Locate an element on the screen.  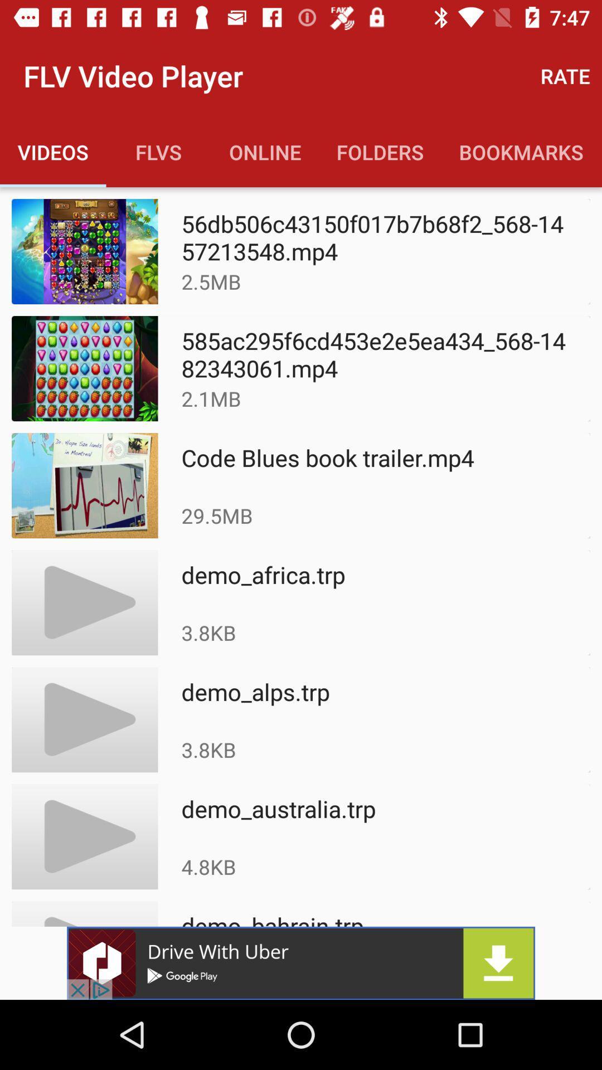
the first image is located at coordinates (84, 251).